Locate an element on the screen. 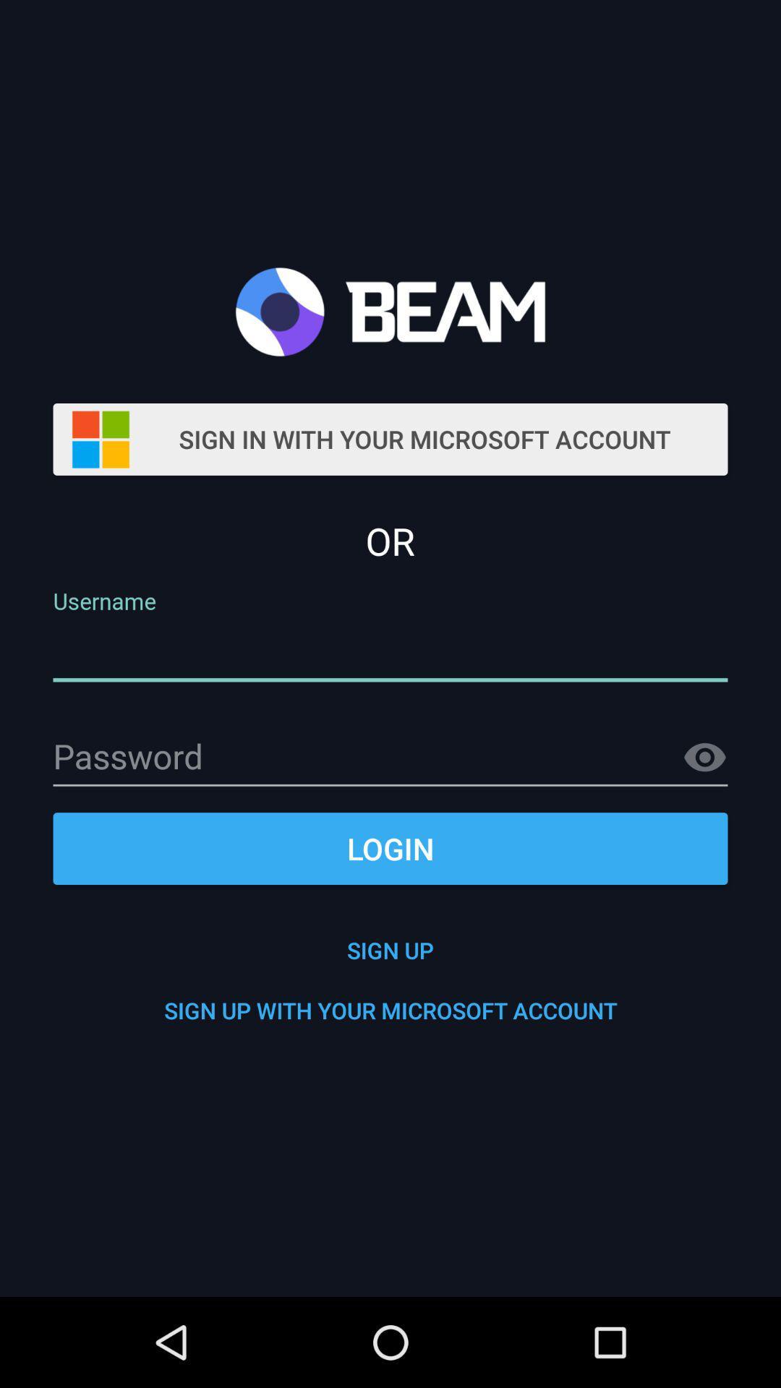 Image resolution: width=781 pixels, height=1388 pixels. login item is located at coordinates (390, 849).